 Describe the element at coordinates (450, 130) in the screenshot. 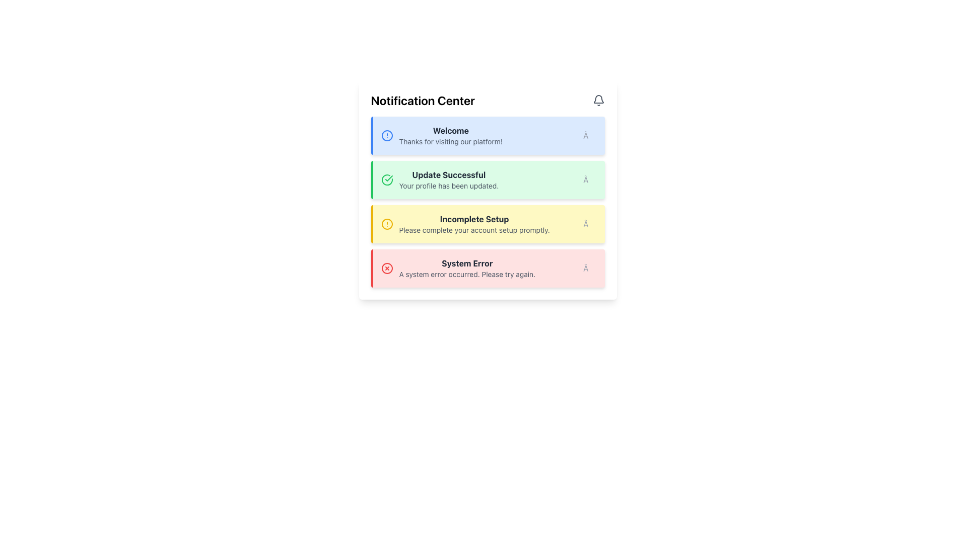

I see `the bold text saying 'Welcome' in dark gray color, which is located at the top of a notification card with a light blue background` at that location.